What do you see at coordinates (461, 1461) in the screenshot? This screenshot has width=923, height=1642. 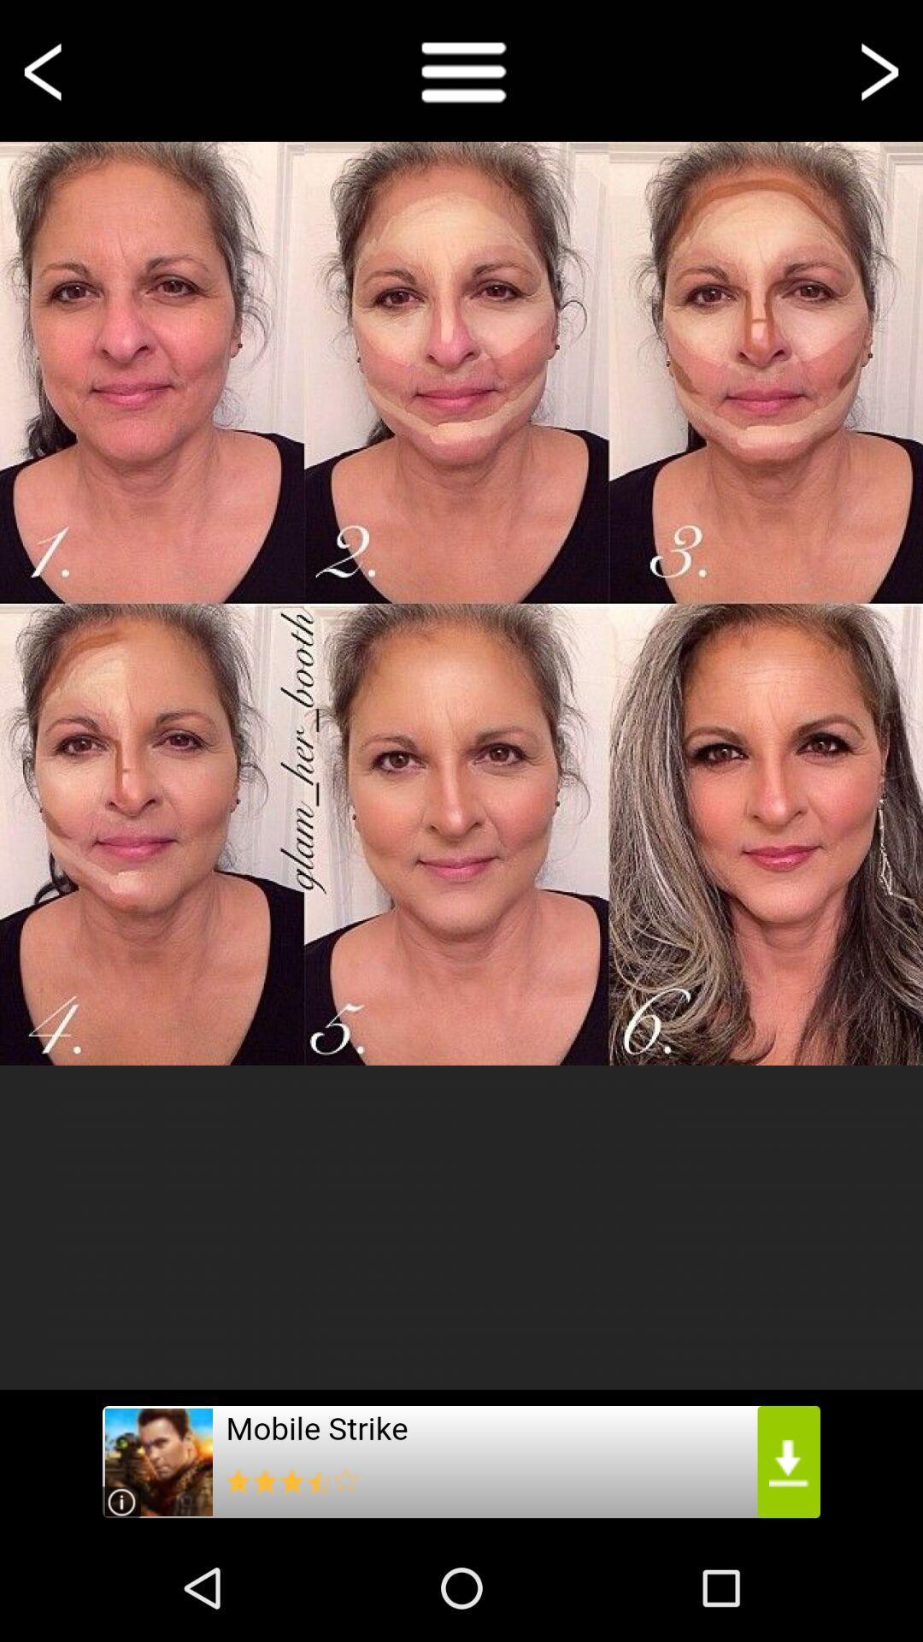 I see `click on advertisement banner` at bounding box center [461, 1461].